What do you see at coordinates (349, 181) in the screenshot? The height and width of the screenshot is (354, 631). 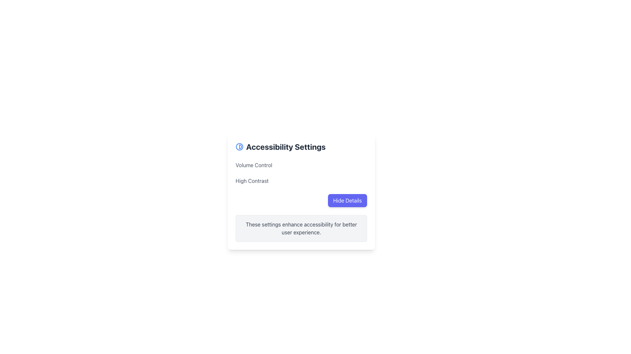 I see `the interactive button used to toggle the 'High Contrast' feature` at bounding box center [349, 181].